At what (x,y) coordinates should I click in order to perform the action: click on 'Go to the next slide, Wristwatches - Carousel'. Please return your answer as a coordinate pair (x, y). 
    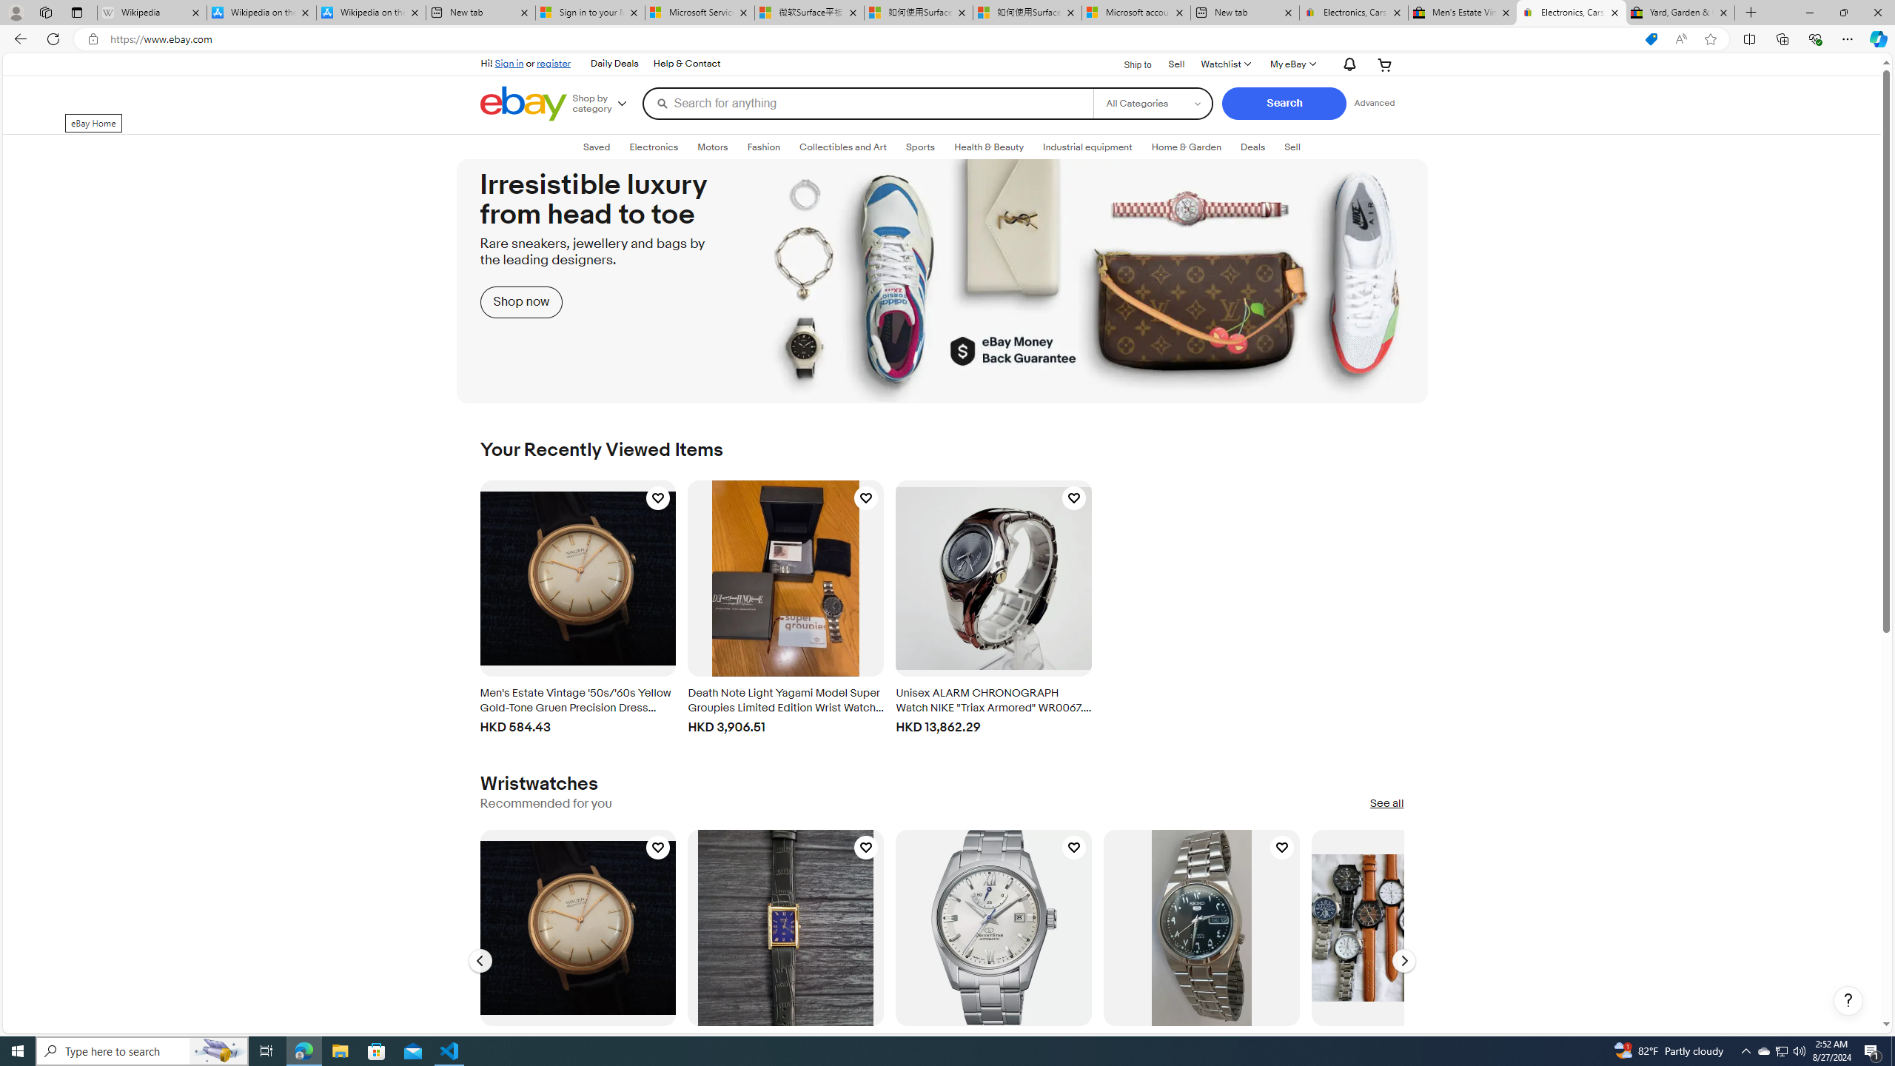
    Looking at the image, I should click on (1403, 961).